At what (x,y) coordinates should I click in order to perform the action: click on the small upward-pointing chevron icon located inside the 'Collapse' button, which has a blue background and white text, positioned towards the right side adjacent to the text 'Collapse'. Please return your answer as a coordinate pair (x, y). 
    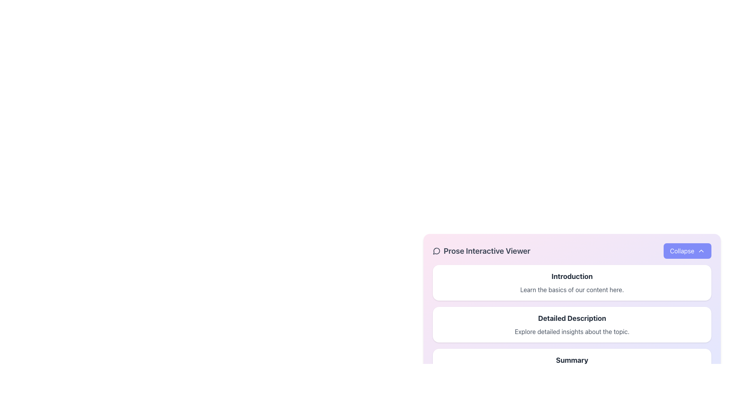
    Looking at the image, I should click on (701, 251).